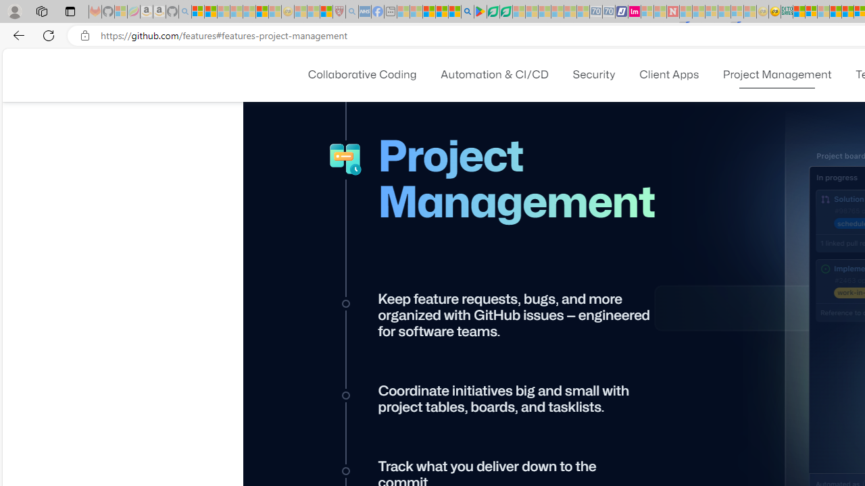 This screenshot has width=865, height=486. What do you see at coordinates (14, 11) in the screenshot?
I see `'Personal Profile'` at bounding box center [14, 11].